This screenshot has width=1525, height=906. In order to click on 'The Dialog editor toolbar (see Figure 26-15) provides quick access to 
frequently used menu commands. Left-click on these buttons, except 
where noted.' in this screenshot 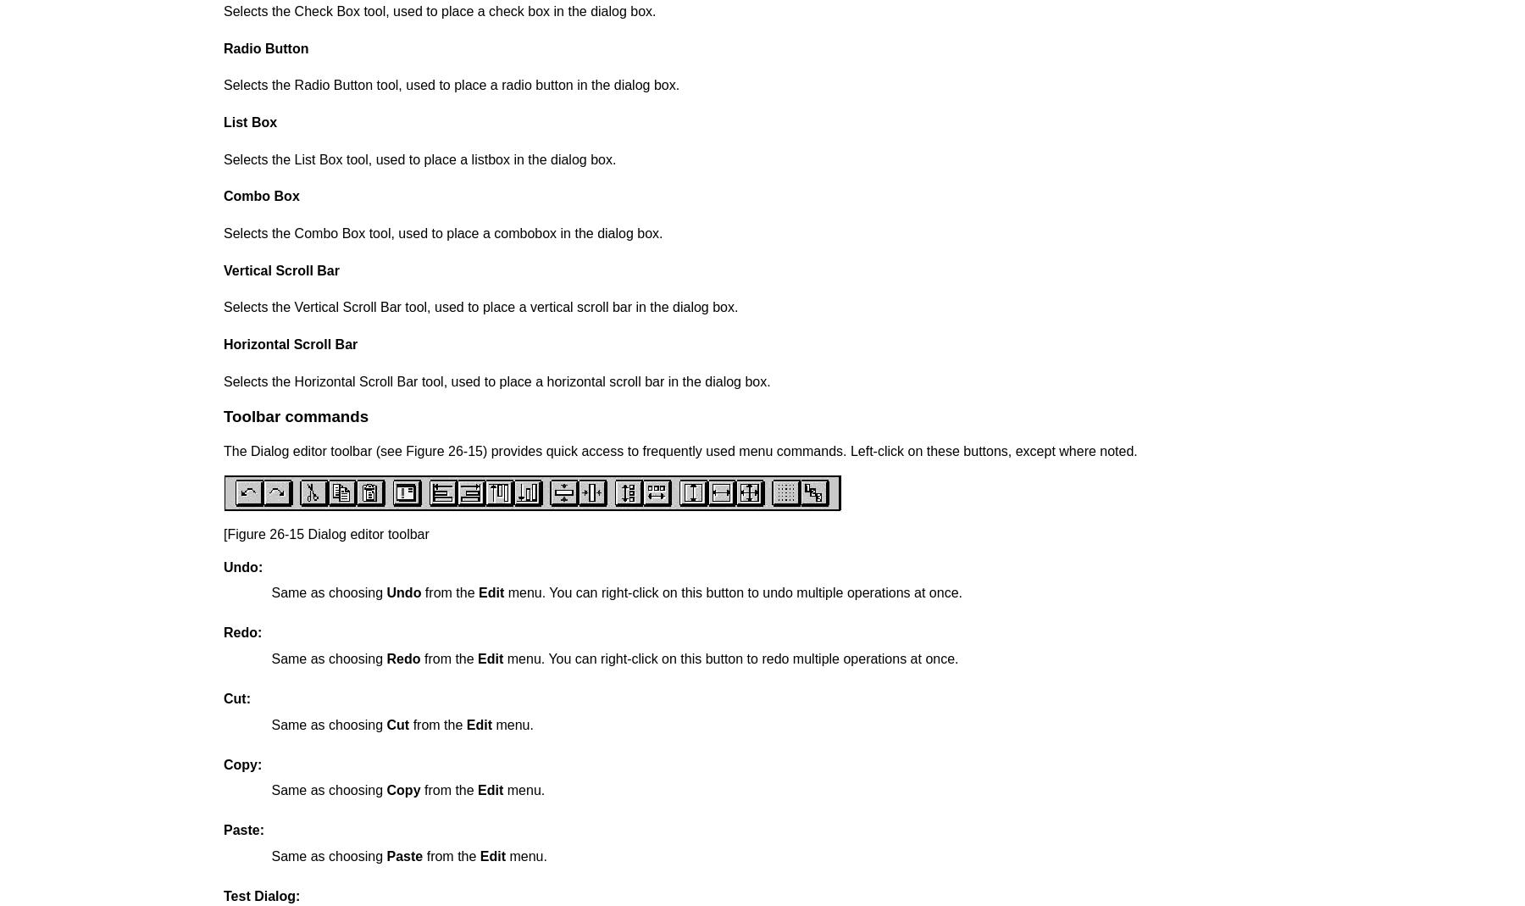, I will do `click(679, 449)`.